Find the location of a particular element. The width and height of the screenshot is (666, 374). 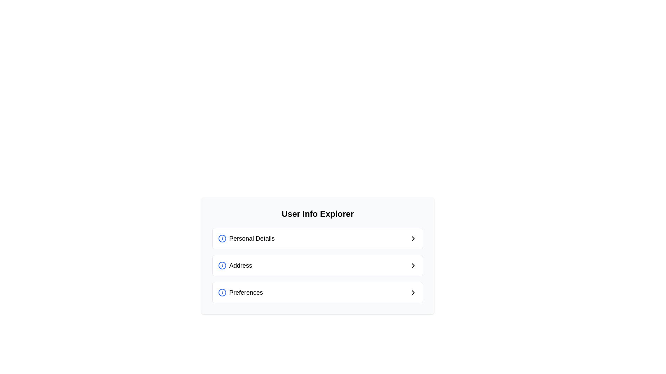

the rightward-pointing chevron arrow icon located on the far right of the 'Personal Details' section within the 'User Info Explorer' card interface is located at coordinates (413, 238).